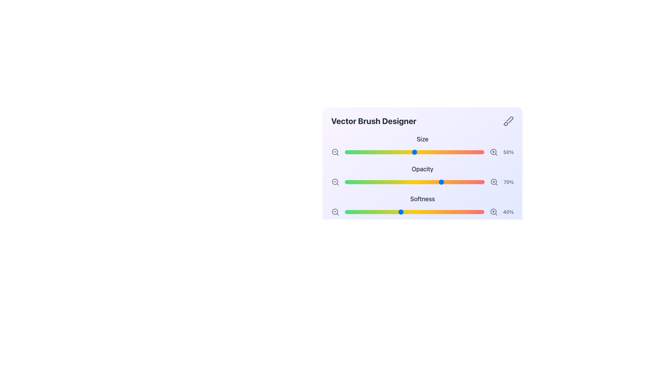  Describe the element at coordinates (437, 212) in the screenshot. I see `softness` at that location.